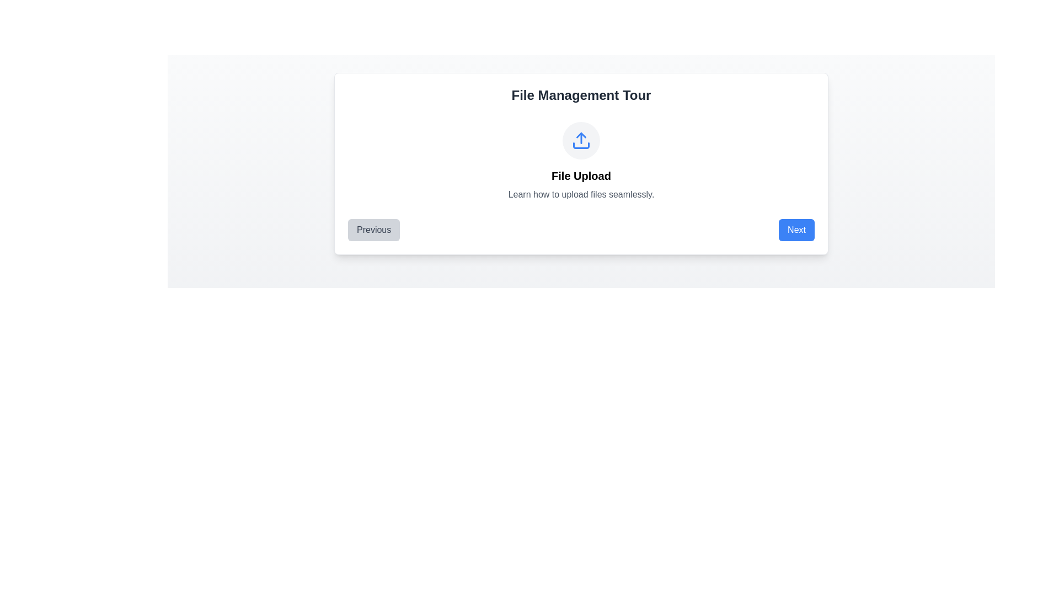 This screenshot has height=596, width=1059. Describe the element at coordinates (581, 140) in the screenshot. I see `the upload icon, which is a blue arrow pointing upward over a horizontal line within a circular light gray background, located in the center of the 'File Management Tour' card` at that location.